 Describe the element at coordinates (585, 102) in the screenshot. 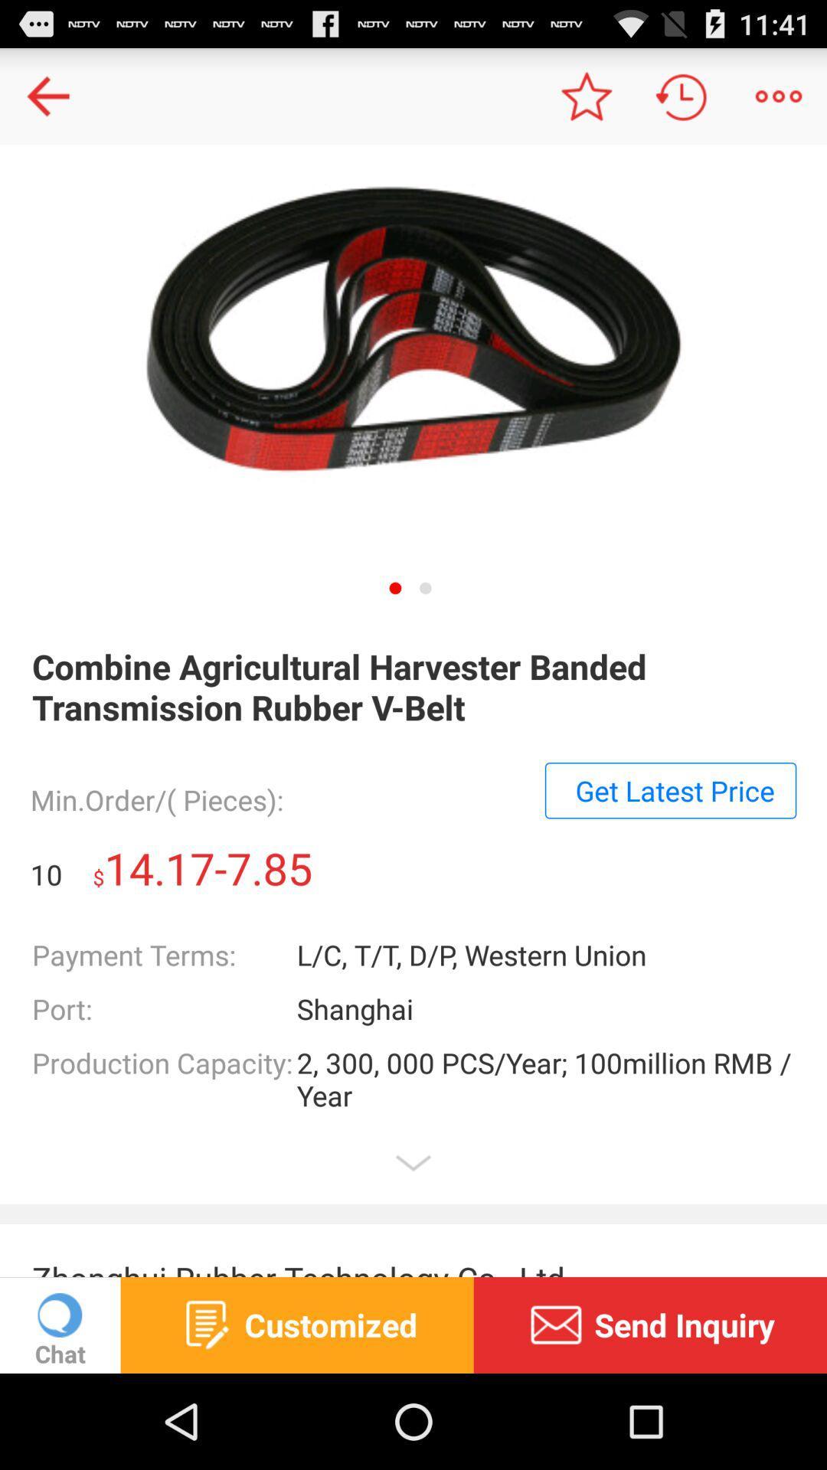

I see `the star icon` at that location.